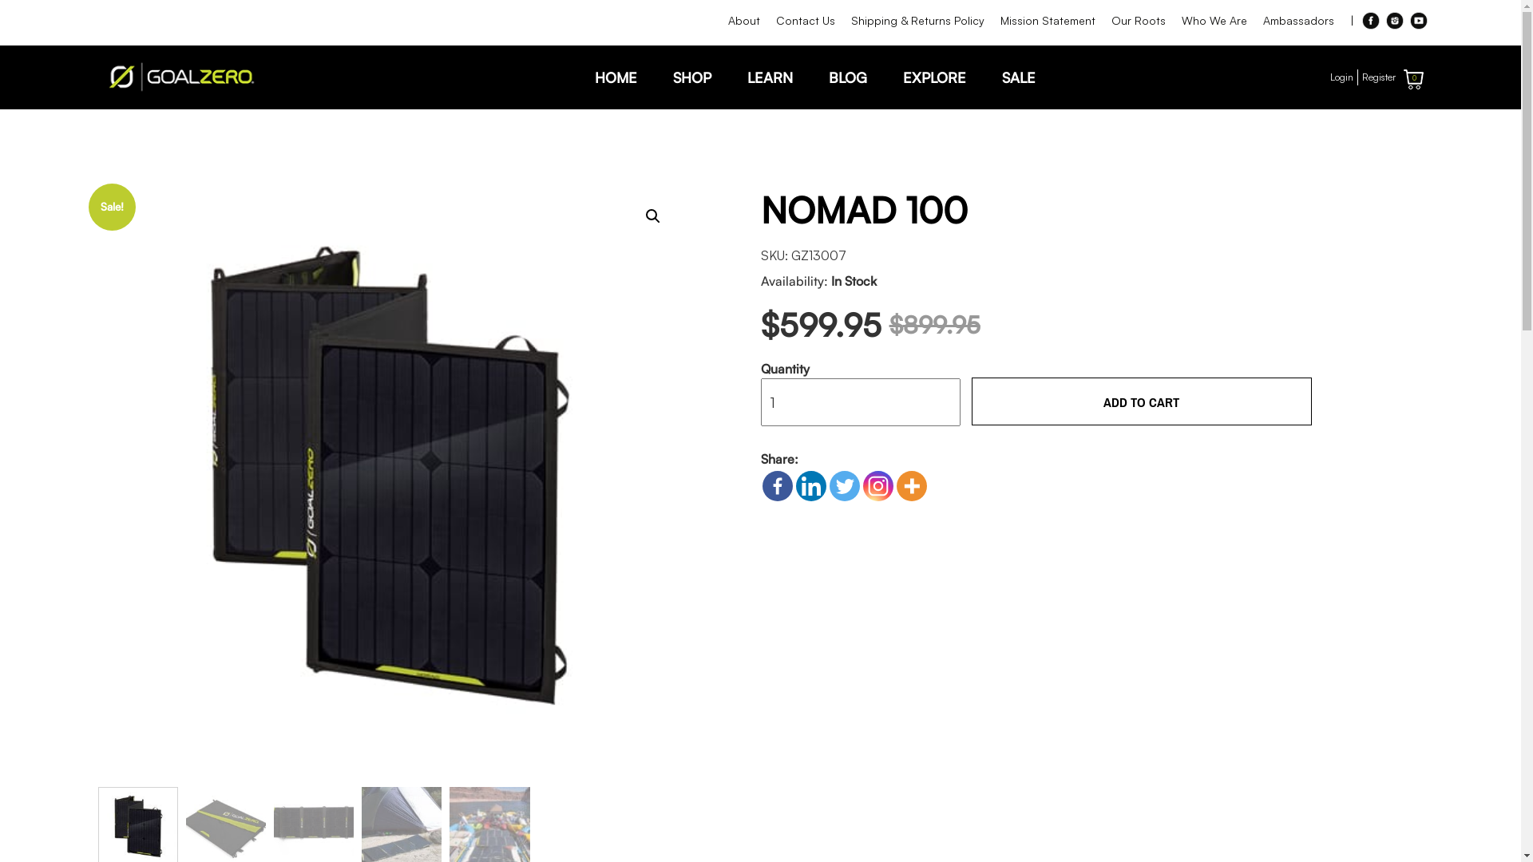 The height and width of the screenshot is (862, 1533). Describe the element at coordinates (1413, 79) in the screenshot. I see `'0'` at that location.